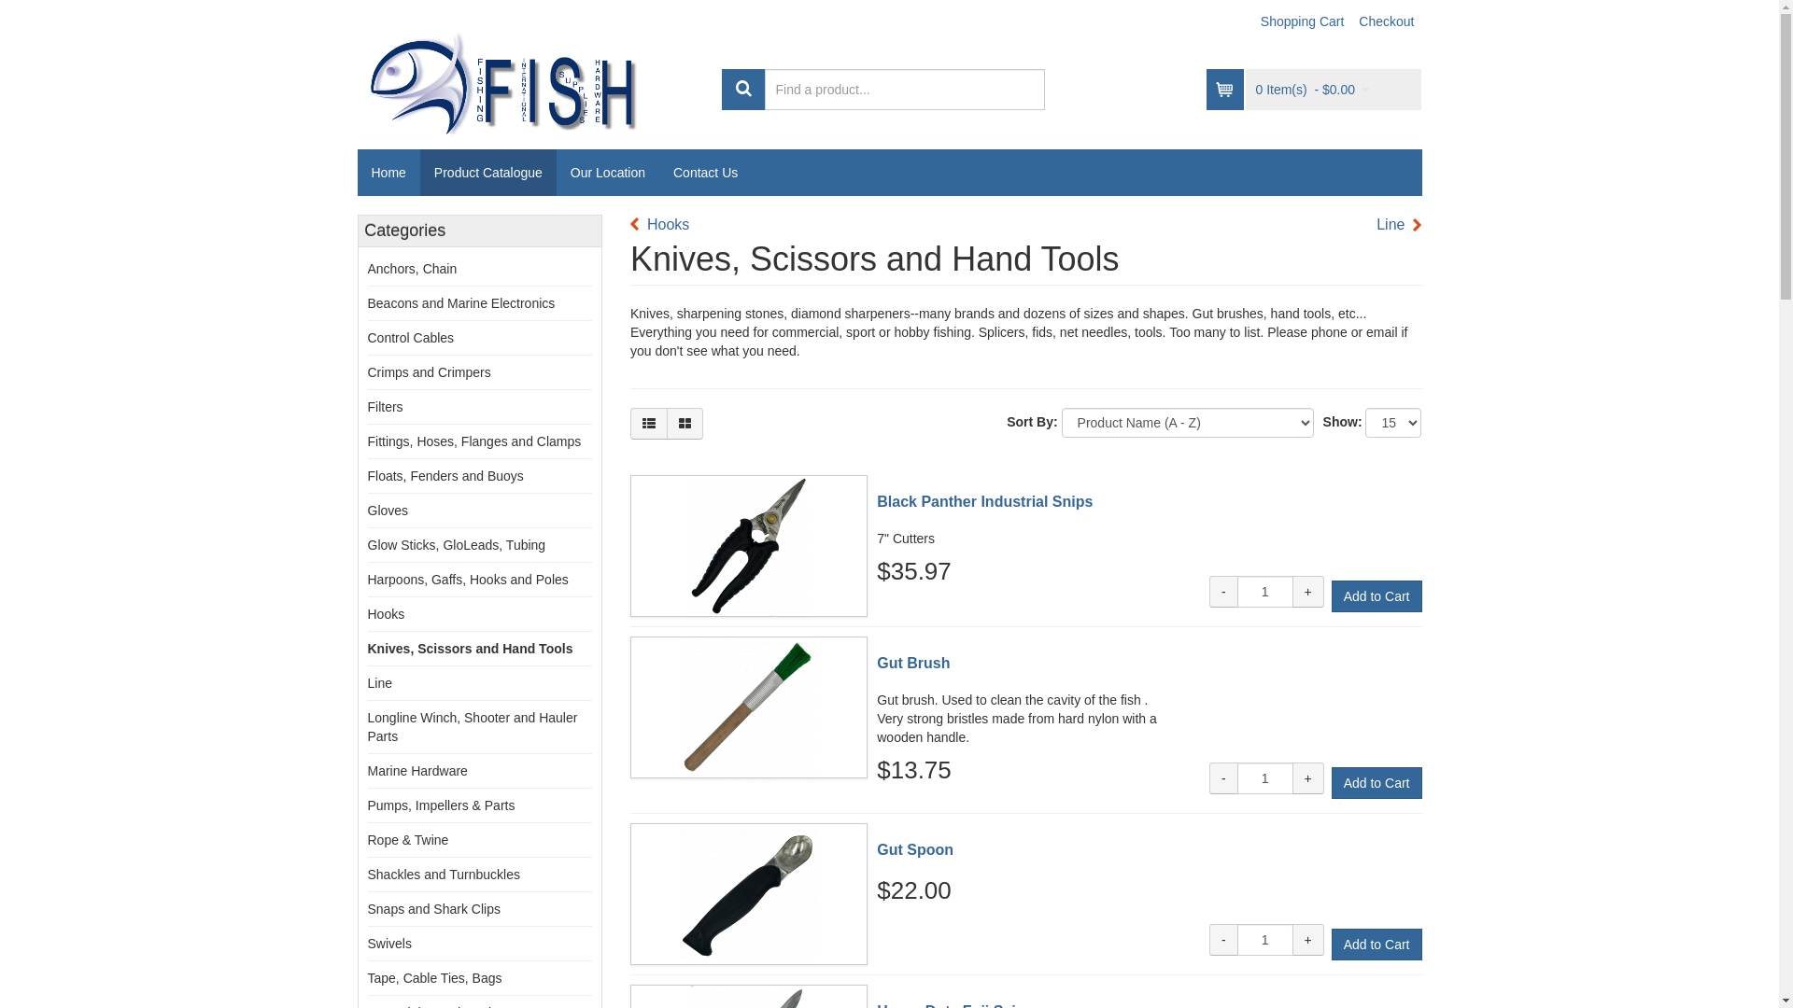 This screenshot has height=1008, width=1793. Describe the element at coordinates (387, 173) in the screenshot. I see `'Home'` at that location.